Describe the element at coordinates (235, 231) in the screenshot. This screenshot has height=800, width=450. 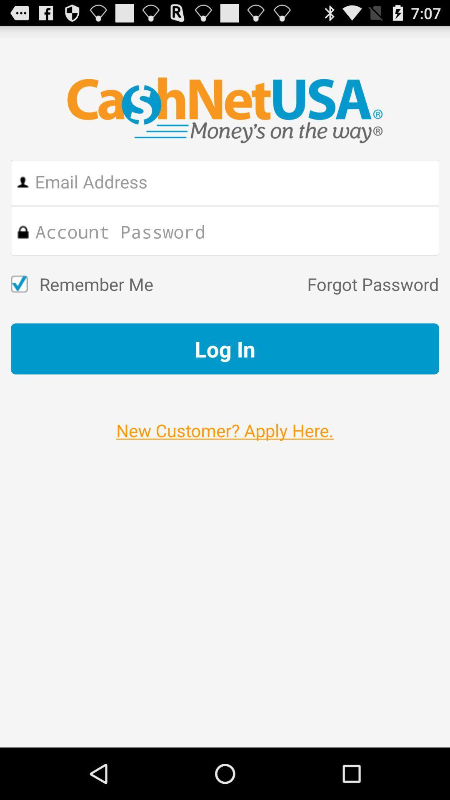
I see `app above remember me app` at that location.